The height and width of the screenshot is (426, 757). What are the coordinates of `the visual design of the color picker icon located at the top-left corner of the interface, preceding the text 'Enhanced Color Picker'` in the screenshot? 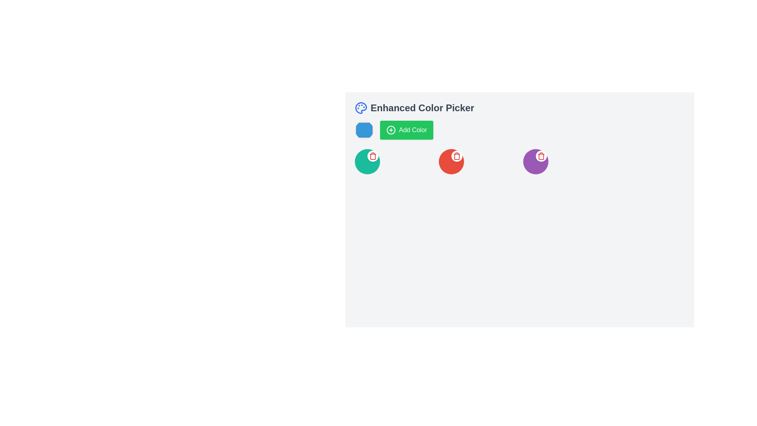 It's located at (361, 108).